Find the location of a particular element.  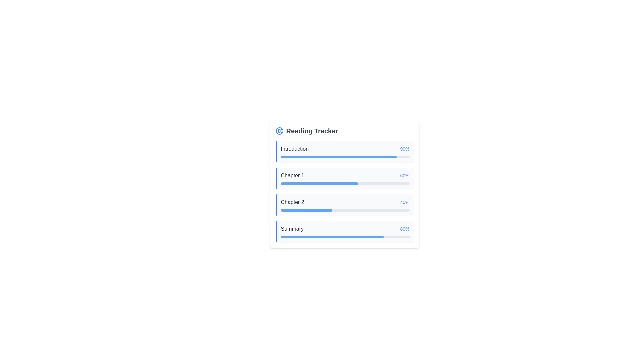

the Progress Card titled 'Introduction' which shows a progress percentage of '90%' and is the first card in the 'Reading Tracker' section is located at coordinates (344, 152).